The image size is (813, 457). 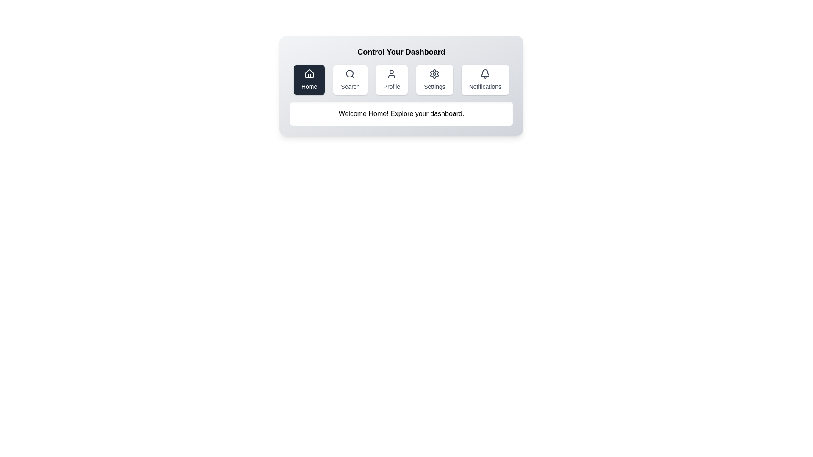 I want to click on the appearance of the Notifications icon, which serves as a visual indicator for alerts and updates, located at the top center of the interface in the menu bar, so click(x=485, y=73).